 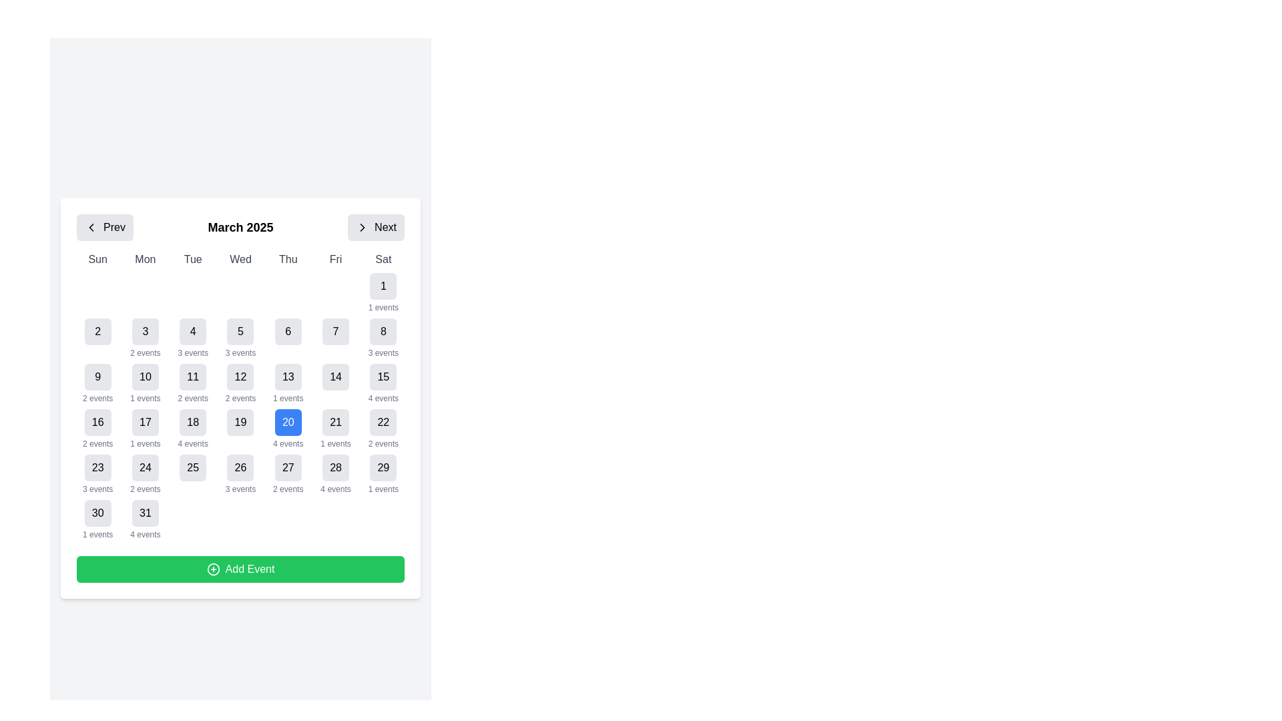 What do you see at coordinates (192, 467) in the screenshot?
I see `the gray button labeled '25'` at bounding box center [192, 467].